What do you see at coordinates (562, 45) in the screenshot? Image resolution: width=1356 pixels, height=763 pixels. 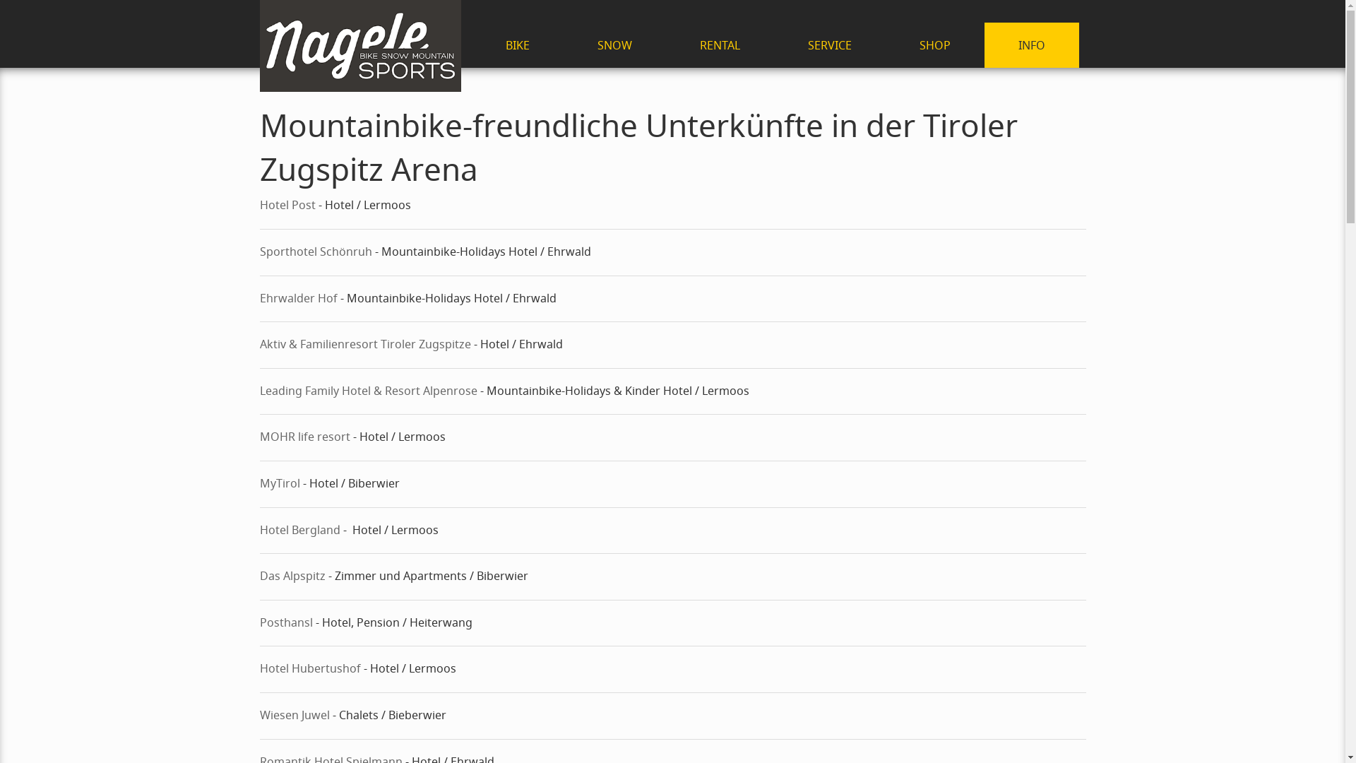 I see `'SNOW'` at bounding box center [562, 45].